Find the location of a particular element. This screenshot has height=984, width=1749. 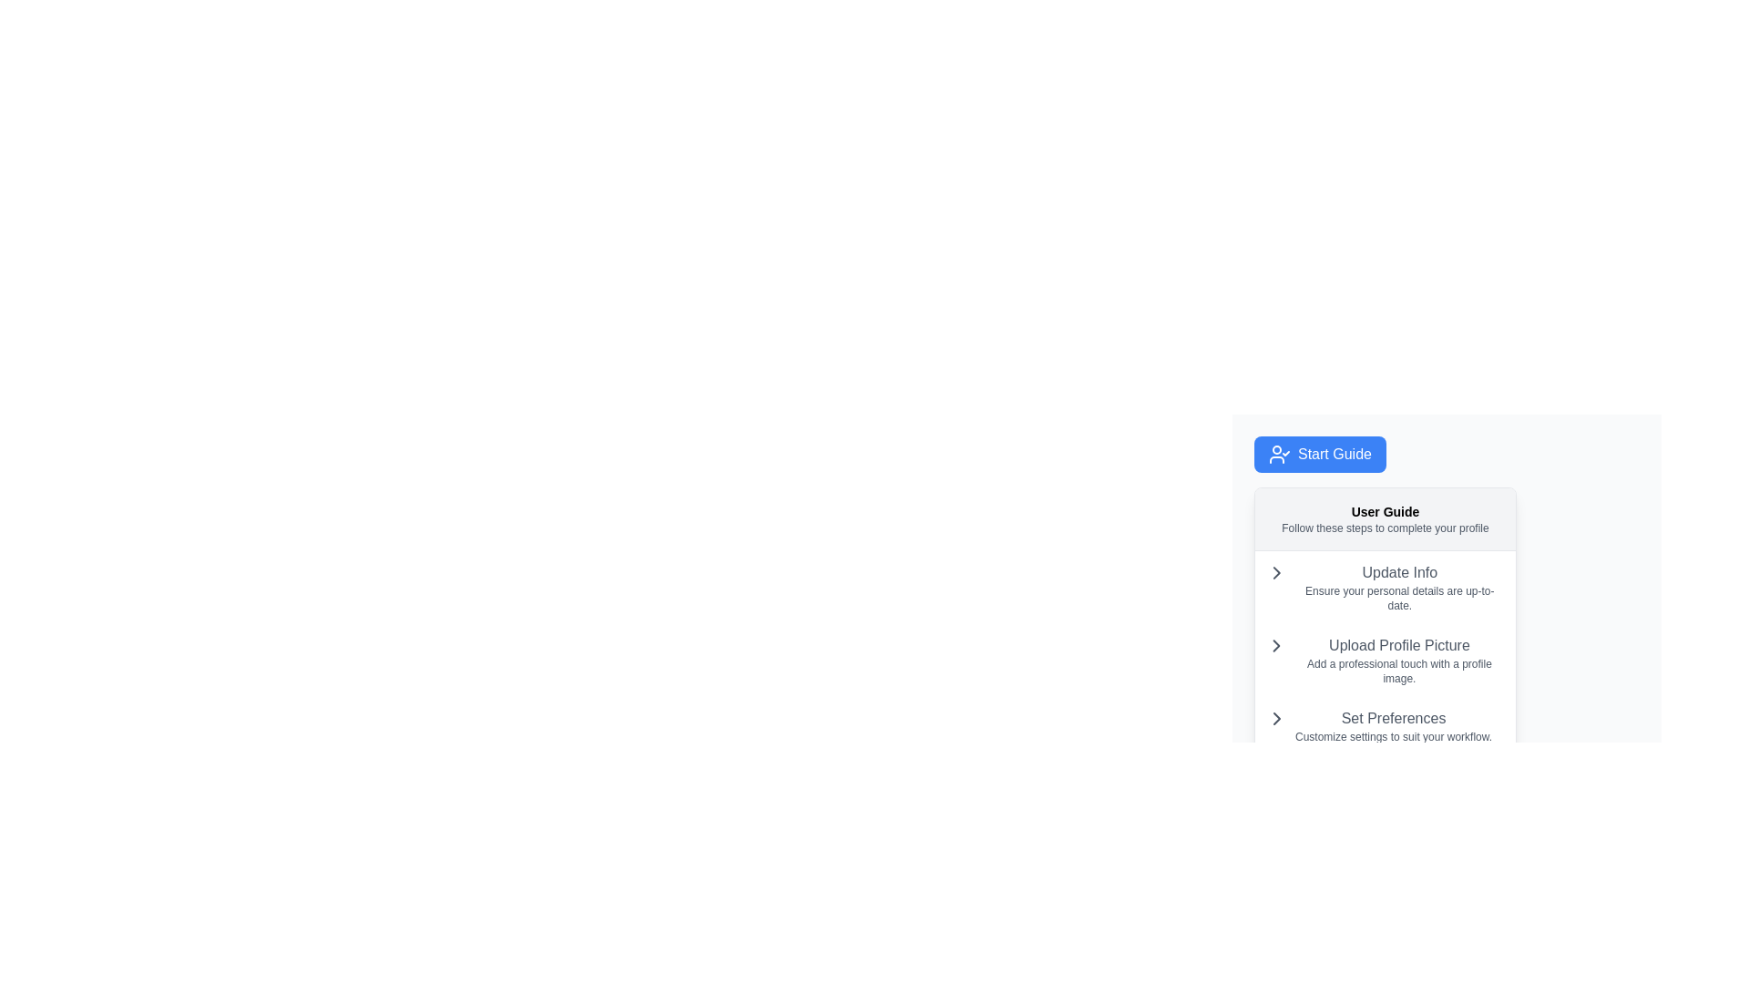

the chevron icon indicating the 'Upload Profile Picture' option in the vertical navigation menu is located at coordinates (1275, 645).